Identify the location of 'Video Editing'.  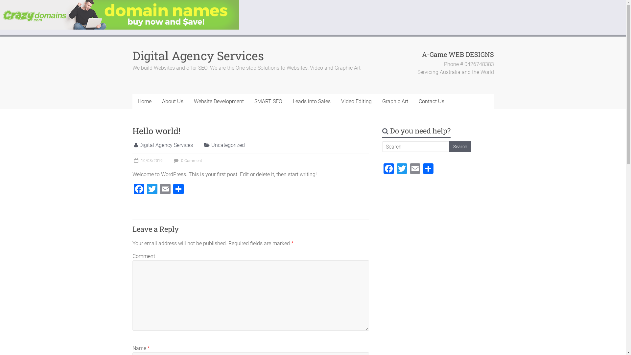
(336, 101).